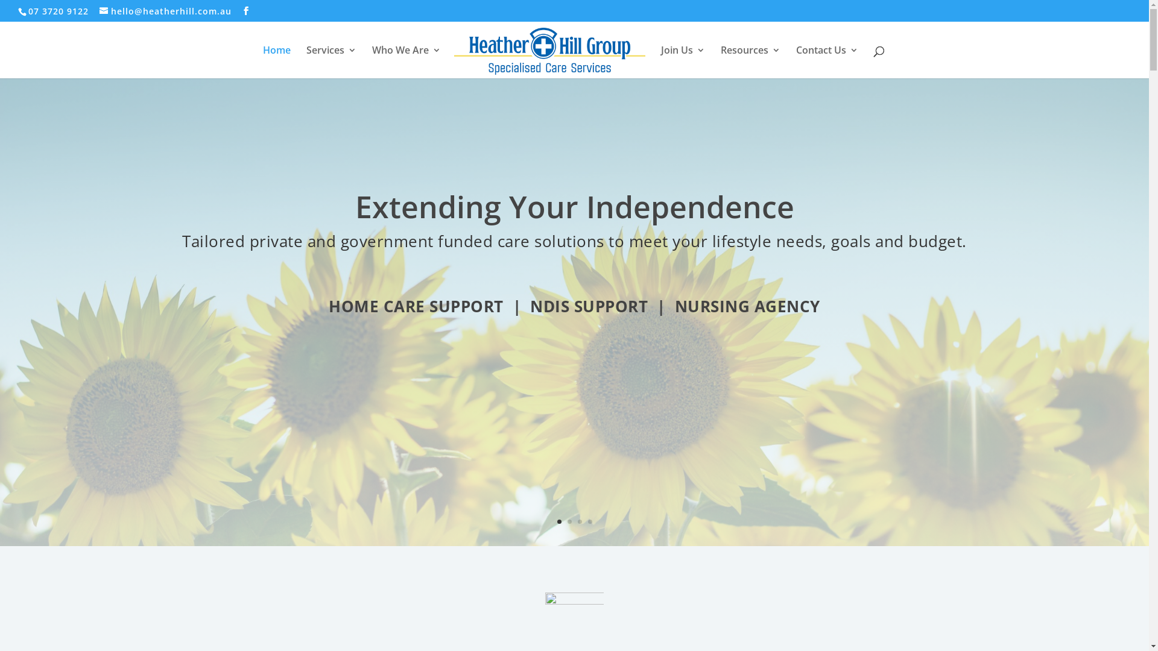 The image size is (1158, 651). Describe the element at coordinates (416, 306) in the screenshot. I see `'HOME CARE SUPPORT'` at that location.